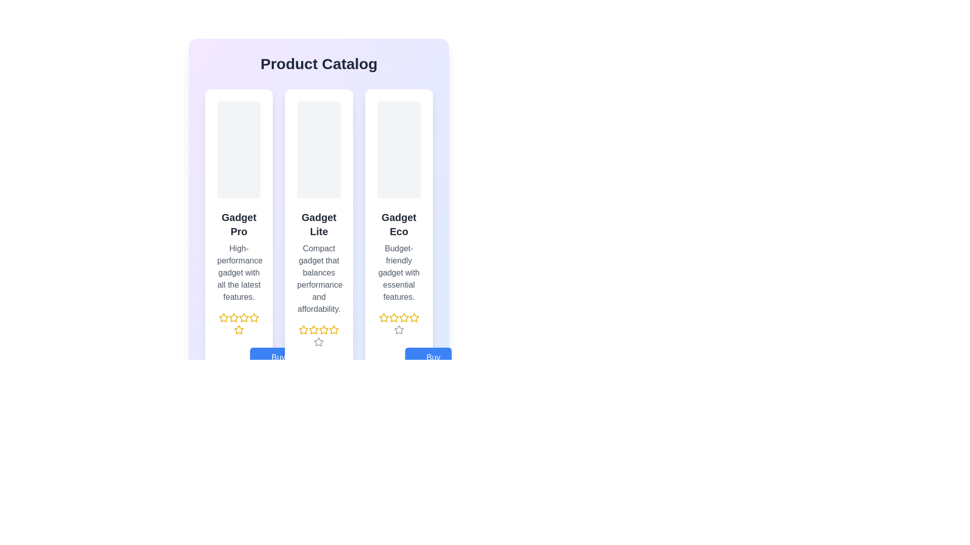 Image resolution: width=970 pixels, height=545 pixels. What do you see at coordinates (273, 364) in the screenshot?
I see `the 'Buy Now' button with a blue background and rounded corners by tabbing to it` at bounding box center [273, 364].